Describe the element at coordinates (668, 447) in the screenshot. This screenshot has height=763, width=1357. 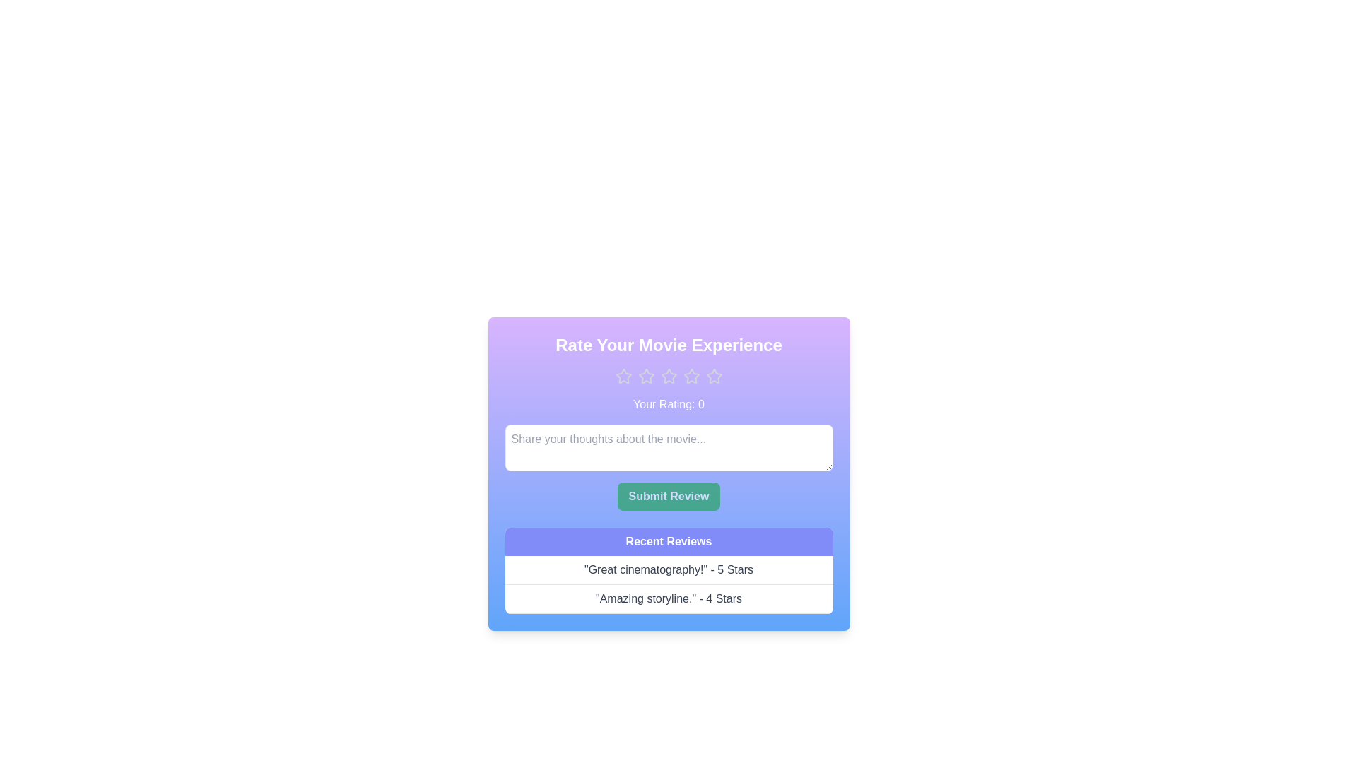
I see `the text area and type the feedback text` at that location.